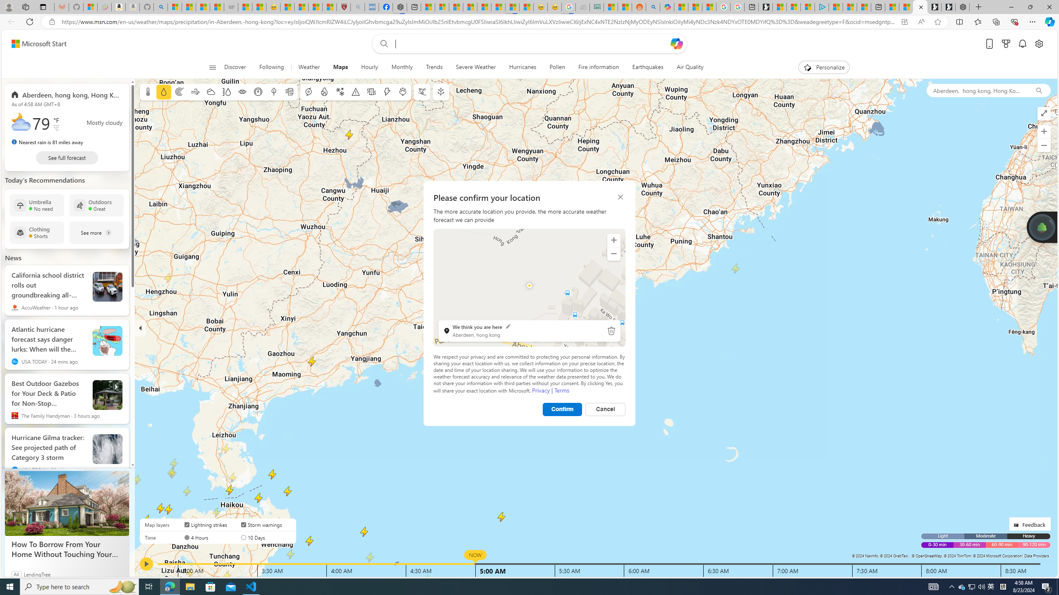 Image resolution: width=1059 pixels, height=595 pixels. I want to click on 'News', so click(13, 257).